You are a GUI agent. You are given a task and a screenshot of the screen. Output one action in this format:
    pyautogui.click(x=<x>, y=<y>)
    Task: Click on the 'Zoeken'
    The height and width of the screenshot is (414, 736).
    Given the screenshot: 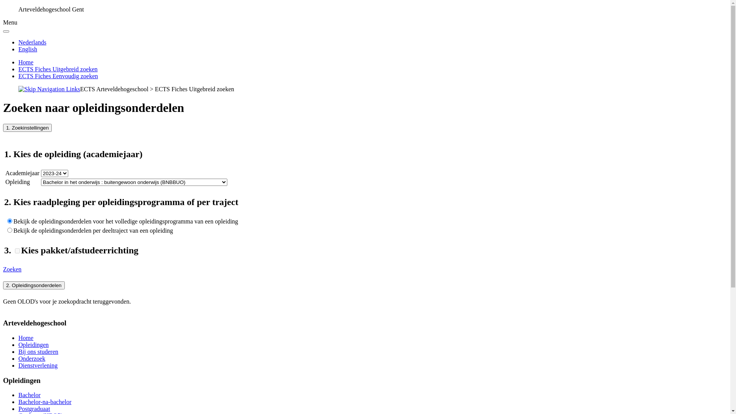 What is the action you would take?
    pyautogui.click(x=12, y=269)
    